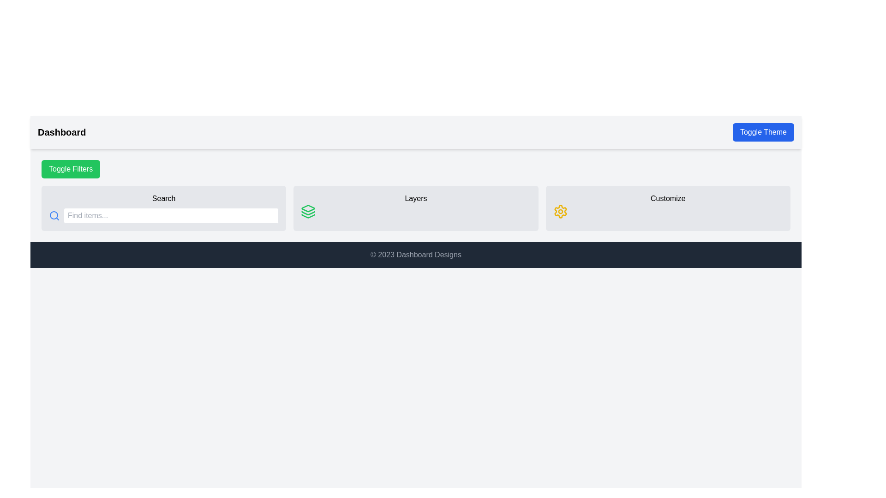 The image size is (886, 498). What do you see at coordinates (560, 212) in the screenshot?
I see `the yellow gear icon located in the 'Customize' section, which is centered beneath the text label 'Customize'` at bounding box center [560, 212].